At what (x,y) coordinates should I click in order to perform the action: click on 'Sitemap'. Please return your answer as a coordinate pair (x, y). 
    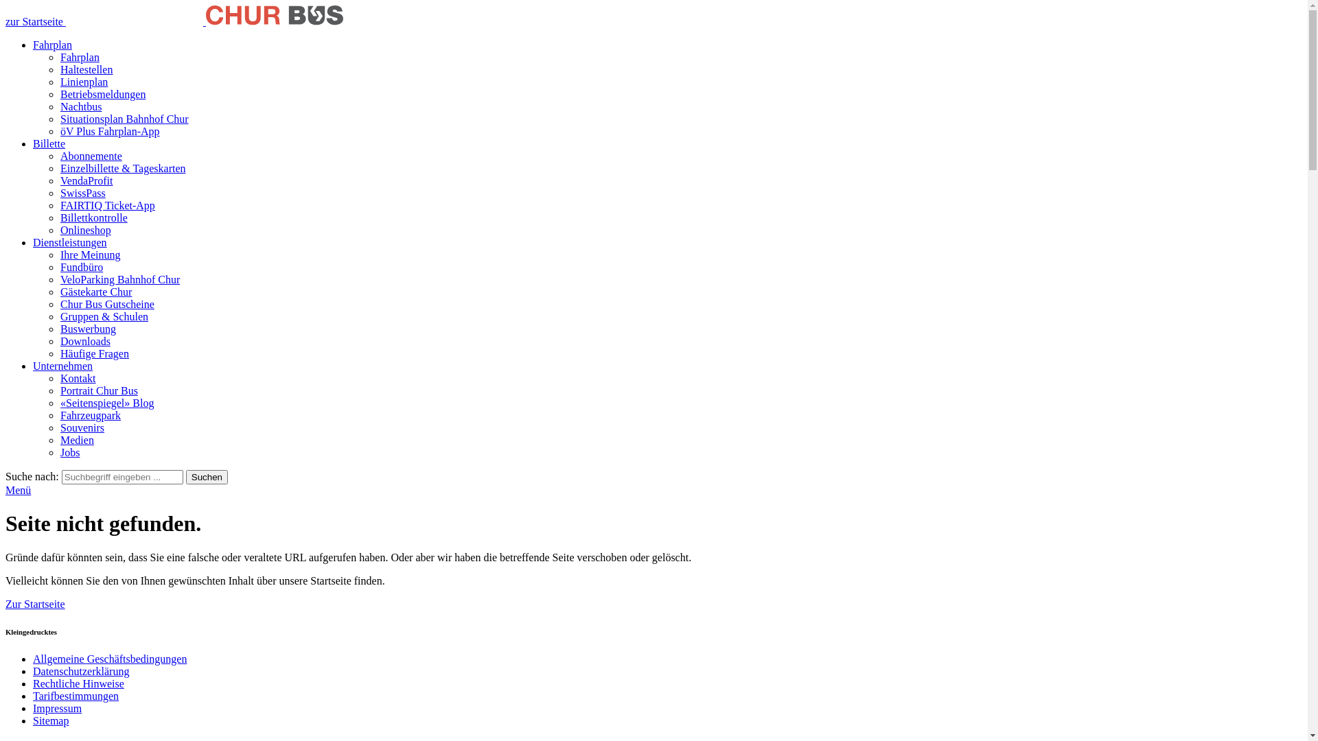
    Looking at the image, I should click on (50, 720).